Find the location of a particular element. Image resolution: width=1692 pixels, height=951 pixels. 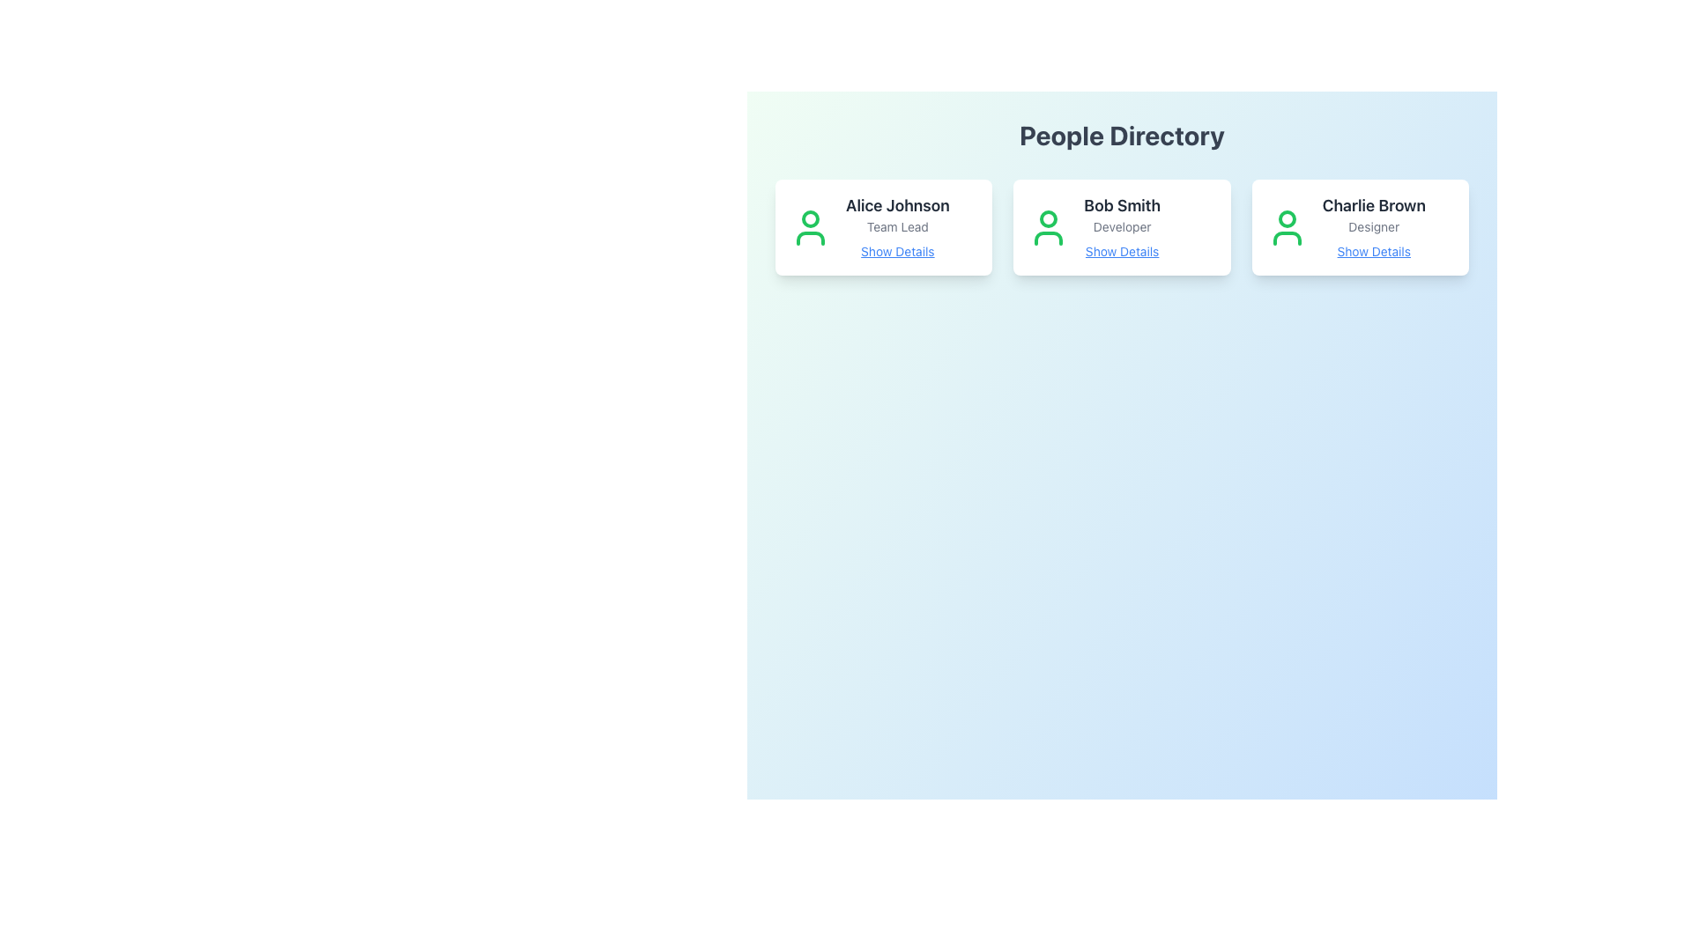

the user profile SVG icon, which is a green outline of a person, located in the card labeled 'Charlie Brown Designer Show Details' to the left of the text 'Charlie Brown' is located at coordinates (1287, 226).